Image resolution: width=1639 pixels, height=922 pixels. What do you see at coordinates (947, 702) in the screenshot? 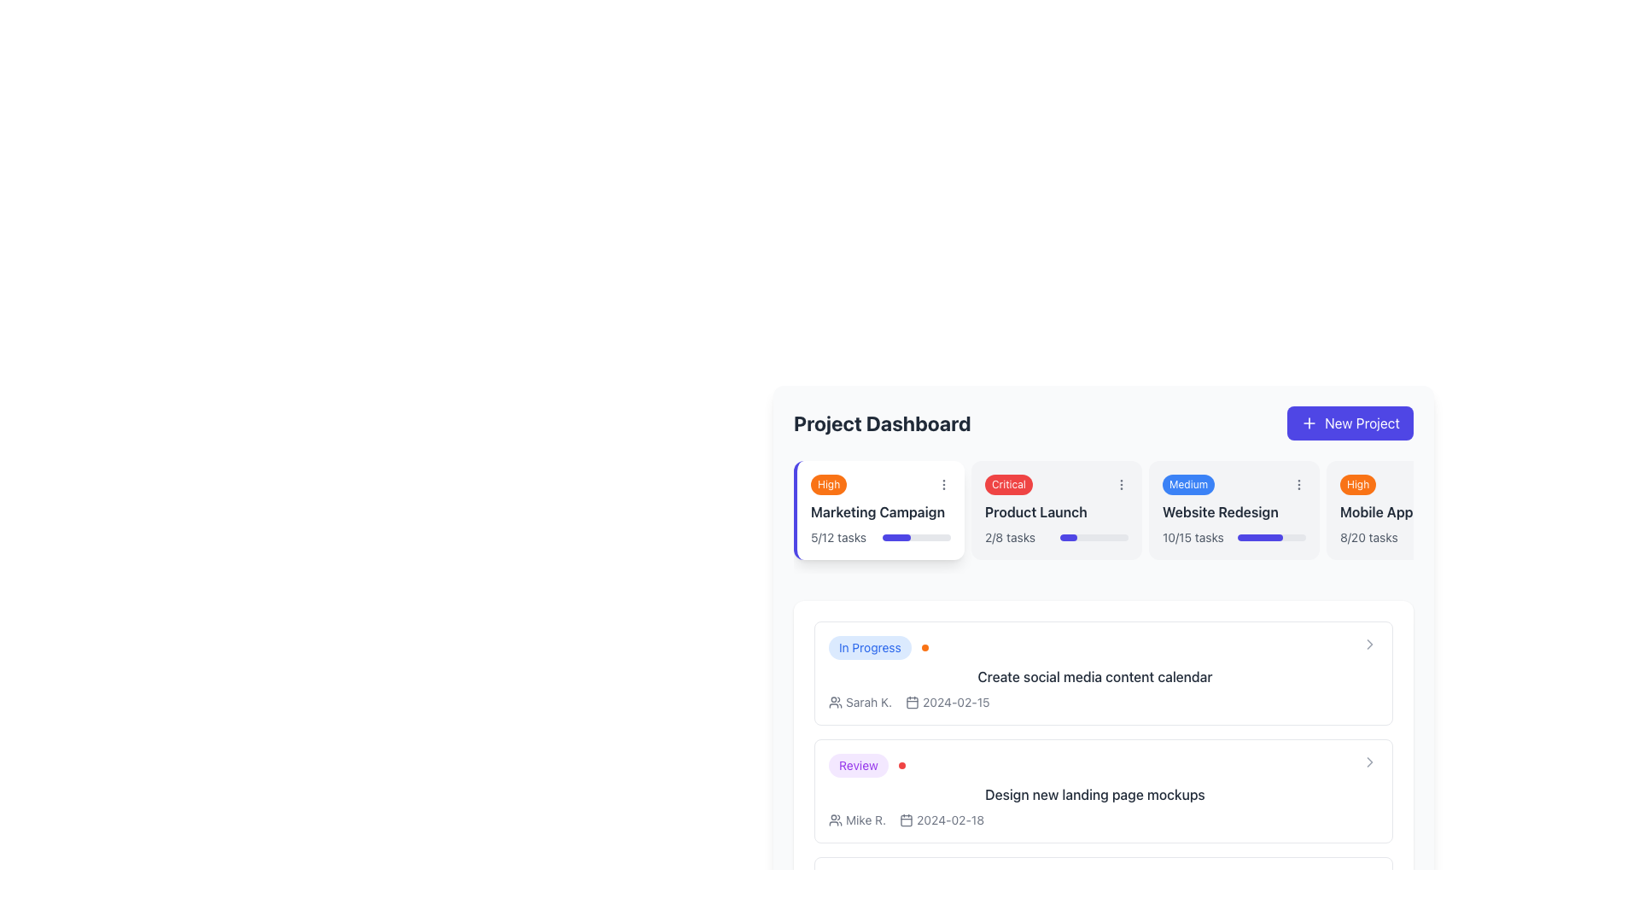
I see `the date displayed in the date display element with icon located under the 'Create social media content calendar' section, positioned to the right of 'Sarah K.'` at bounding box center [947, 702].